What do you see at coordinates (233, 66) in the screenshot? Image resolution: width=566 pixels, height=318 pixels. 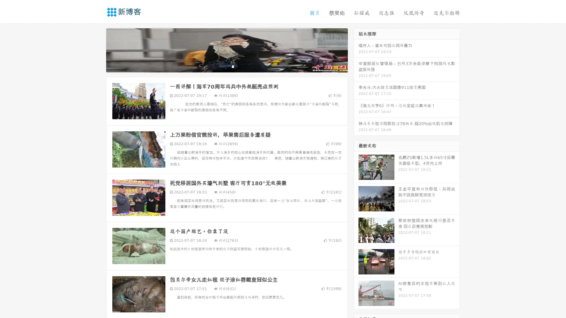 I see `Go to slide 3` at bounding box center [233, 66].